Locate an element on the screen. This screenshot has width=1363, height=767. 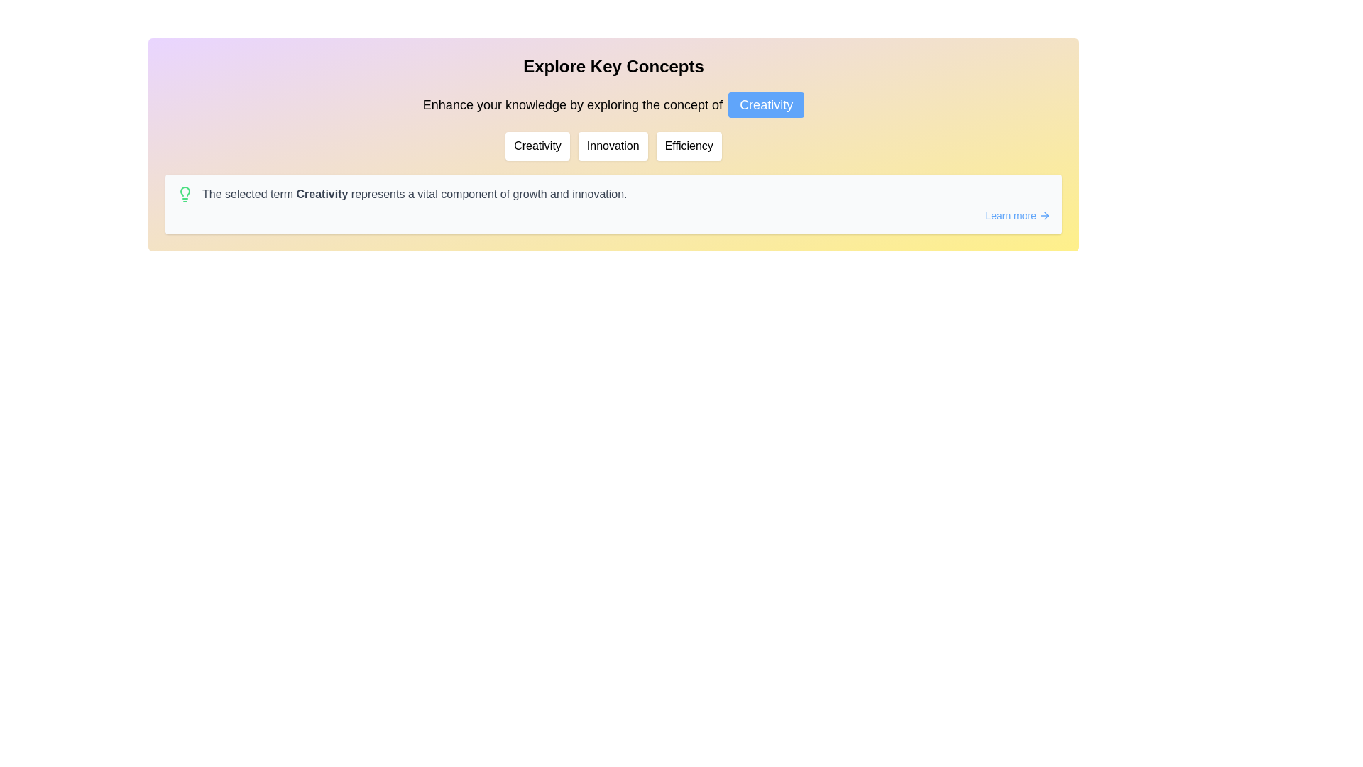
and interpret the text 'Creativity' from the bold text label located in the center of the description card is located at coordinates (321, 194).